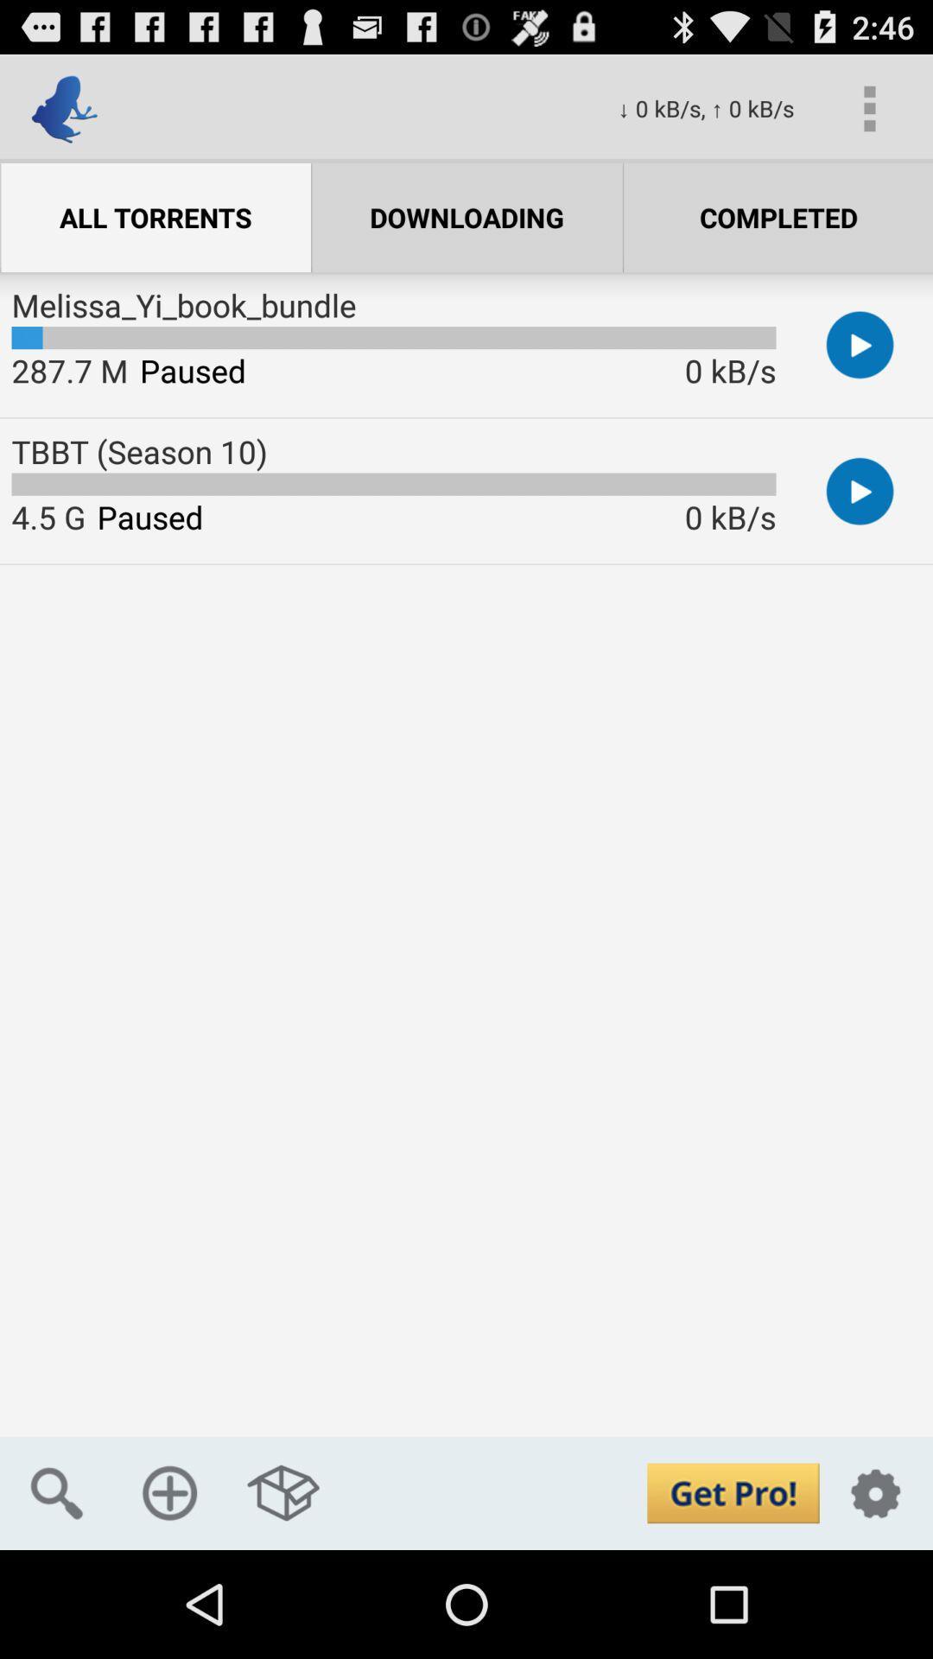 The height and width of the screenshot is (1659, 933). What do you see at coordinates (169, 1597) in the screenshot?
I see `the add icon` at bounding box center [169, 1597].